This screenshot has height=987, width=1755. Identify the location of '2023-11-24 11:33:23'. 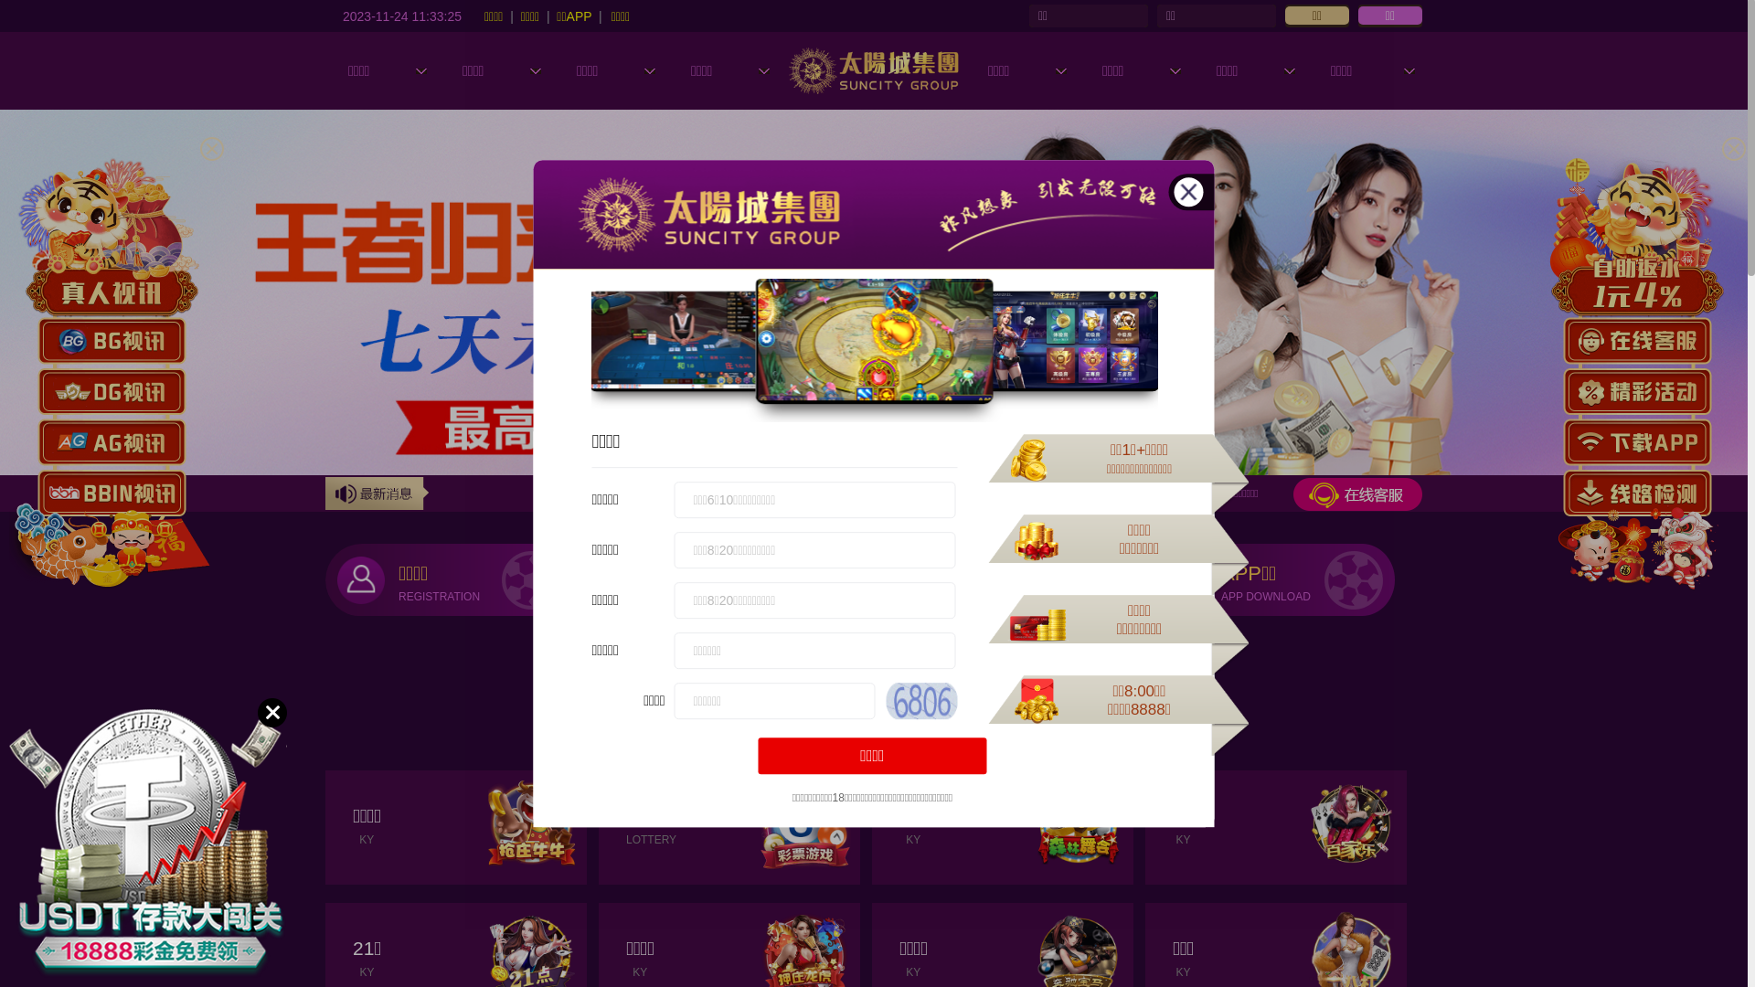
(401, 15).